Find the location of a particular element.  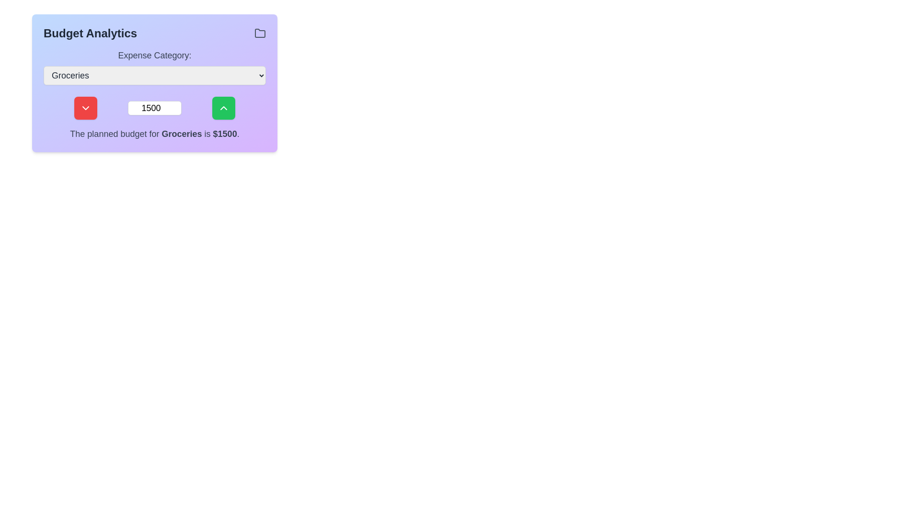

top portion of the folder icon represented by a vector graphic styled with rounded corners, located at the top-right corner of the interface is located at coordinates (260, 33).